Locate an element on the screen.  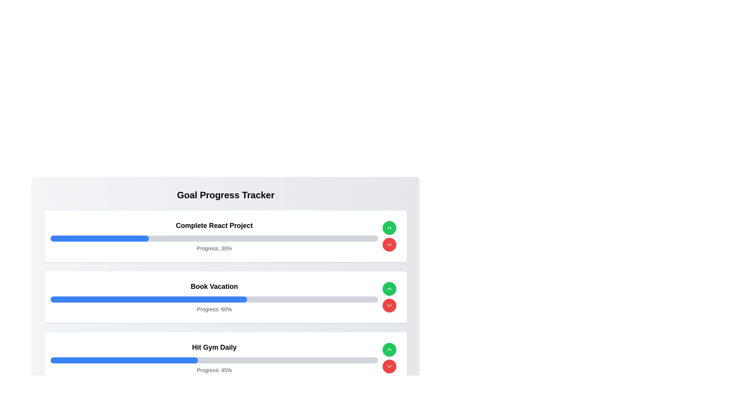
the downward chevron icon for keyboard navigation is located at coordinates (389, 245).